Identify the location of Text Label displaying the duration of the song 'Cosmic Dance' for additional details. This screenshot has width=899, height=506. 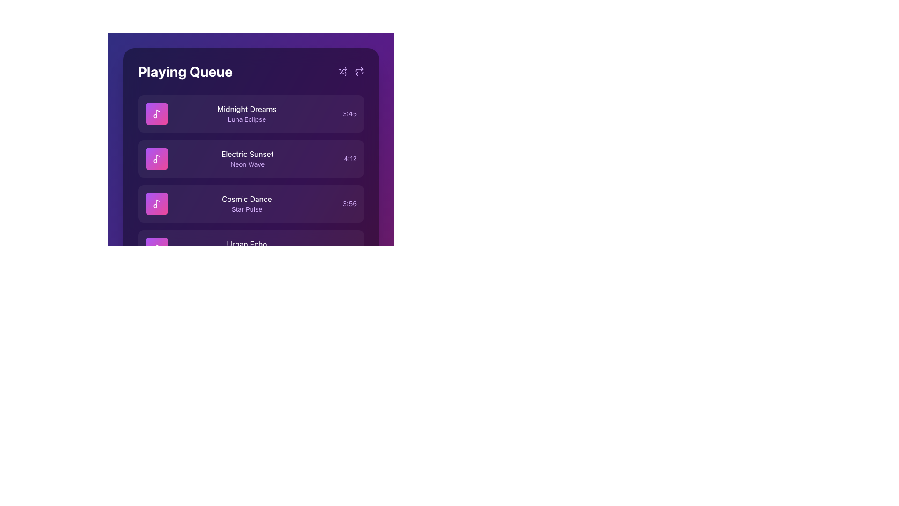
(341, 203).